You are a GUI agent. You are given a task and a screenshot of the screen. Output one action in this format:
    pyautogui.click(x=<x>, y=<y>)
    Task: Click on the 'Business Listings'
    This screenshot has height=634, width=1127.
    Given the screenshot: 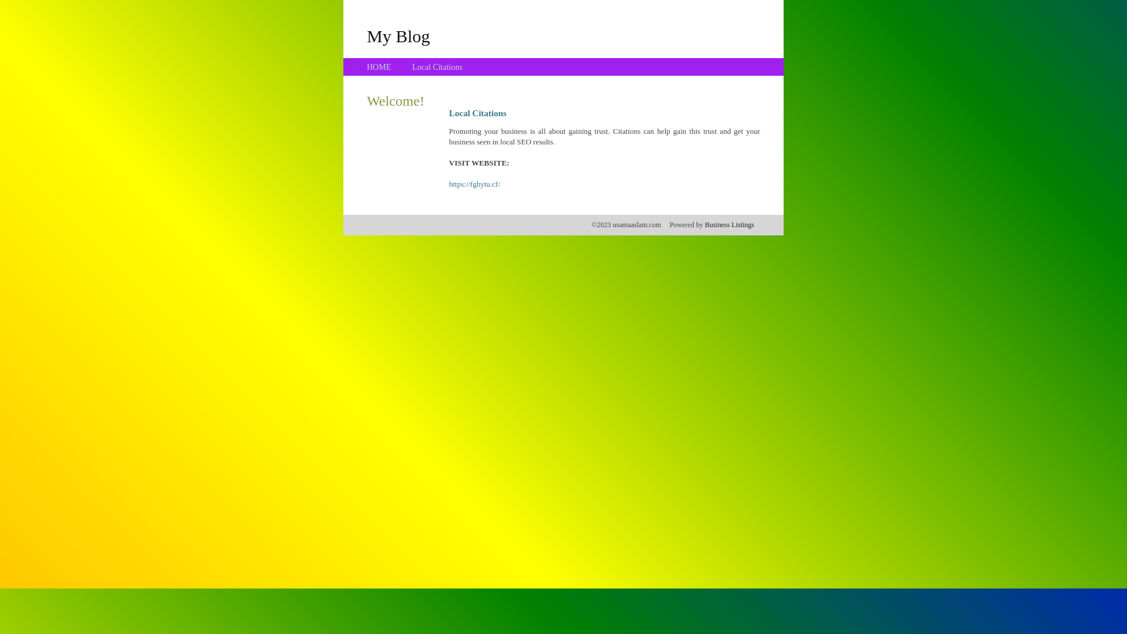 What is the action you would take?
    pyautogui.click(x=729, y=224)
    